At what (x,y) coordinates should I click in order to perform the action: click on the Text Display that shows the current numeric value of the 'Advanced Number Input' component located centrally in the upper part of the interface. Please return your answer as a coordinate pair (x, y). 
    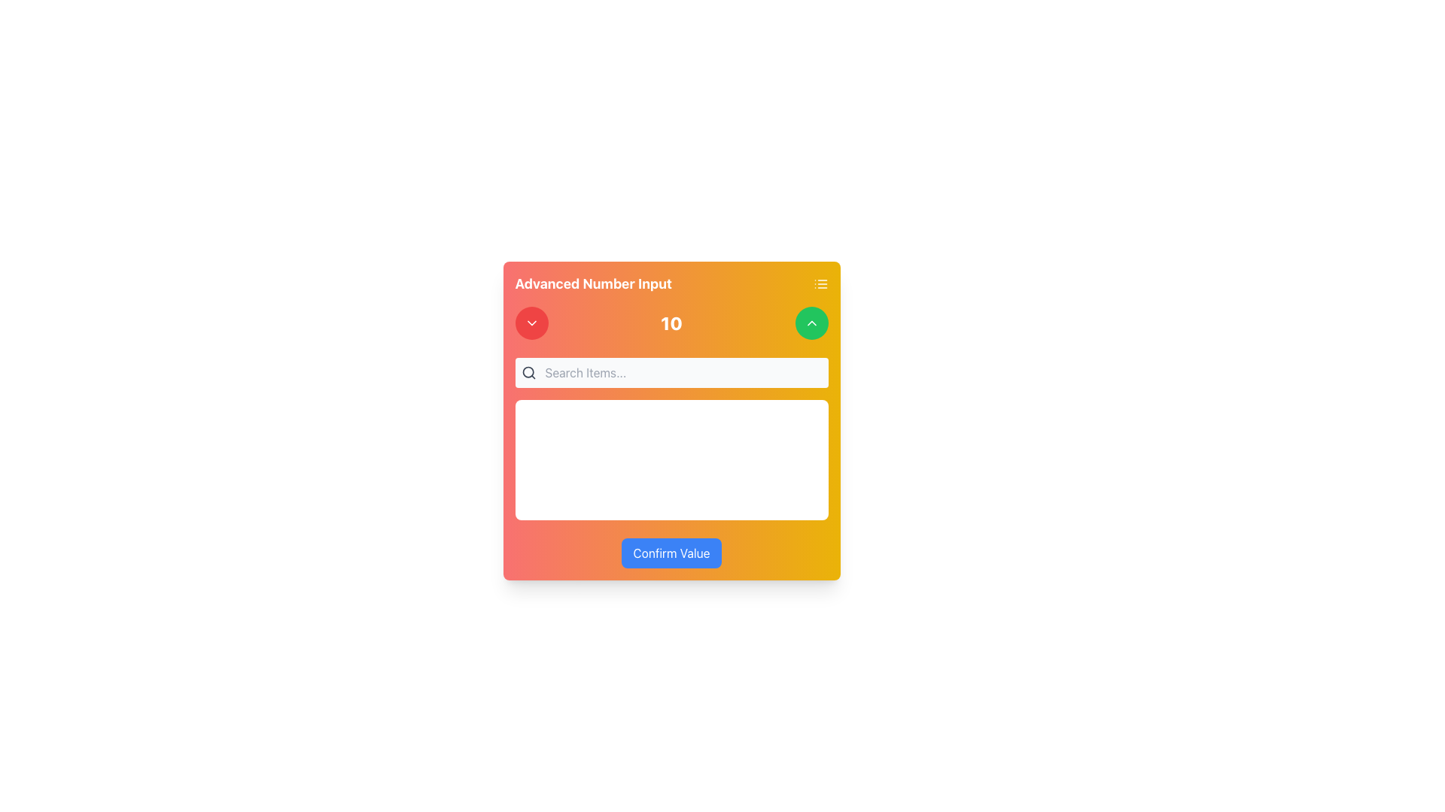
    Looking at the image, I should click on (671, 322).